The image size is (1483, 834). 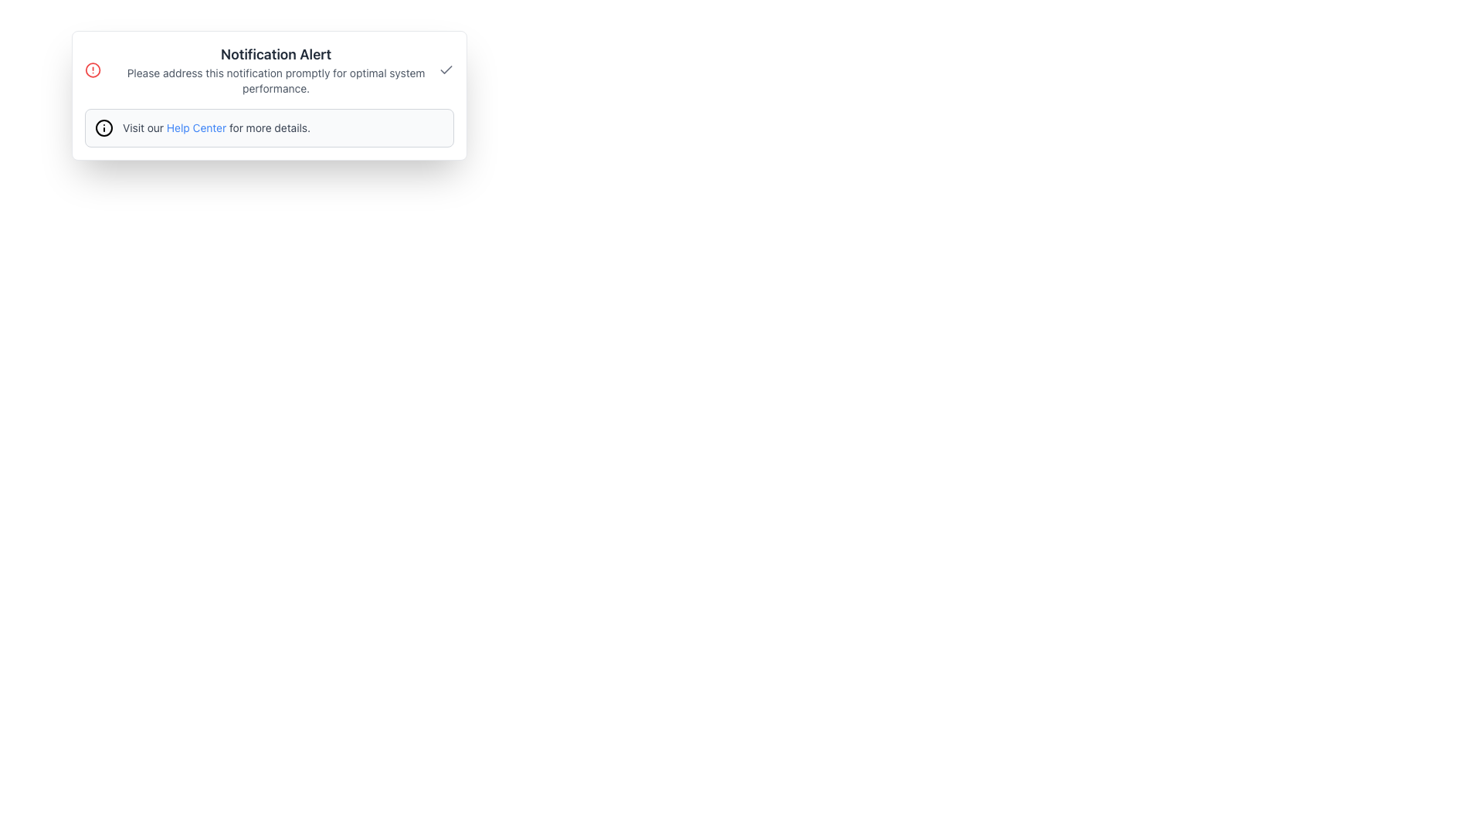 I want to click on the checkmark icon located in the top-right corner of the notification card titled 'Notification Alert', indicating a status or action approval, so click(x=445, y=68).